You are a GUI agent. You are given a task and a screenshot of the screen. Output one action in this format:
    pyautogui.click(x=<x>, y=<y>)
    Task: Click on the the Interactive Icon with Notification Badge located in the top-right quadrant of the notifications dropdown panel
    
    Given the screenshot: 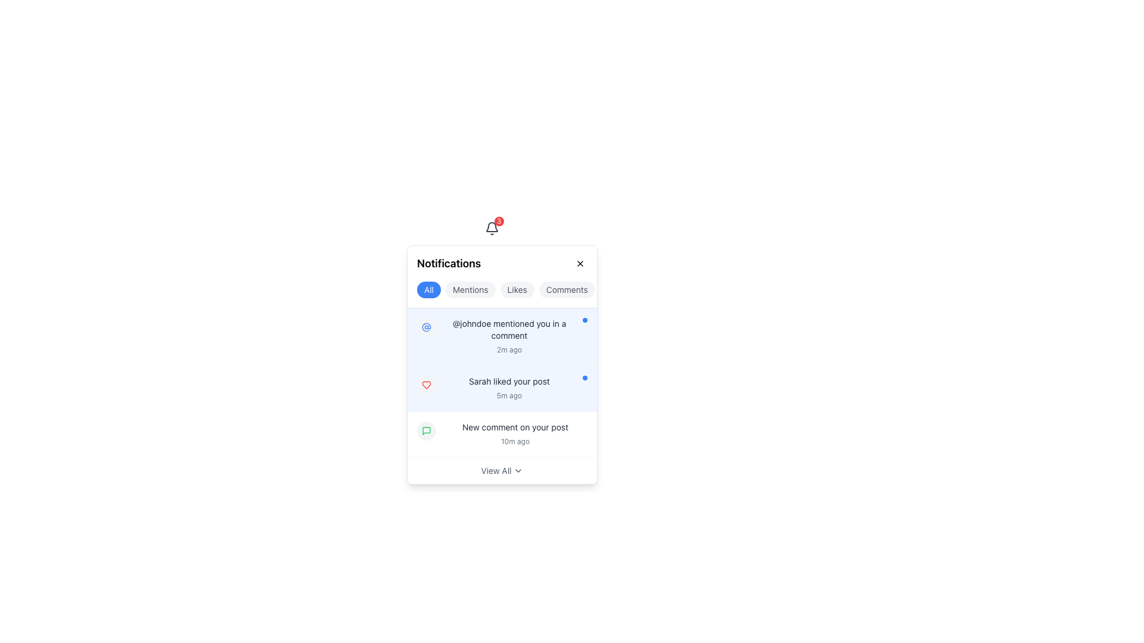 What is the action you would take?
    pyautogui.click(x=492, y=229)
    